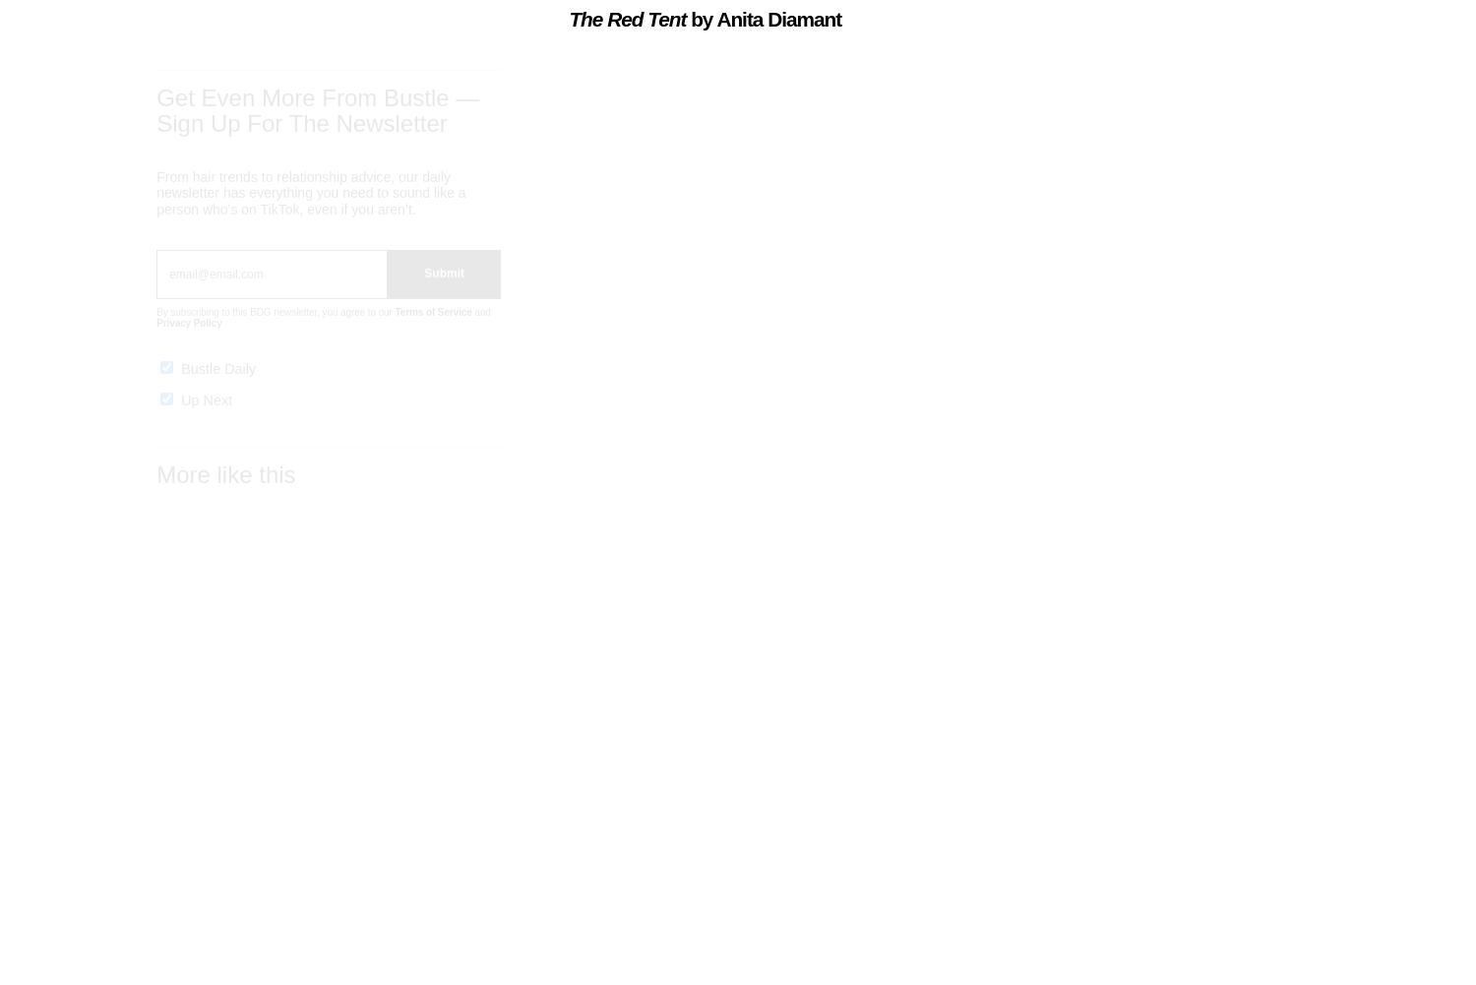 This screenshot has height=985, width=1476. What do you see at coordinates (224, 492) in the screenshot?
I see `'More like this'` at bounding box center [224, 492].